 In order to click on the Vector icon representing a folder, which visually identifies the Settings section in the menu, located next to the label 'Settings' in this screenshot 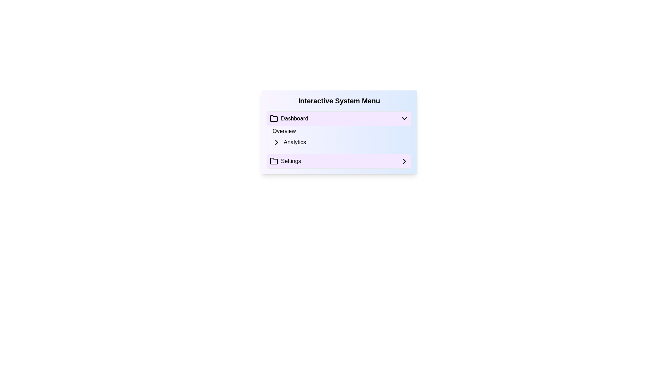, I will do `click(274, 161)`.